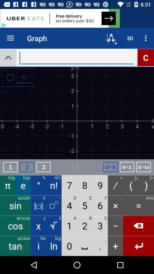 The width and height of the screenshot is (154, 274). Describe the element at coordinates (8, 57) in the screenshot. I see `the expand_less icon` at that location.